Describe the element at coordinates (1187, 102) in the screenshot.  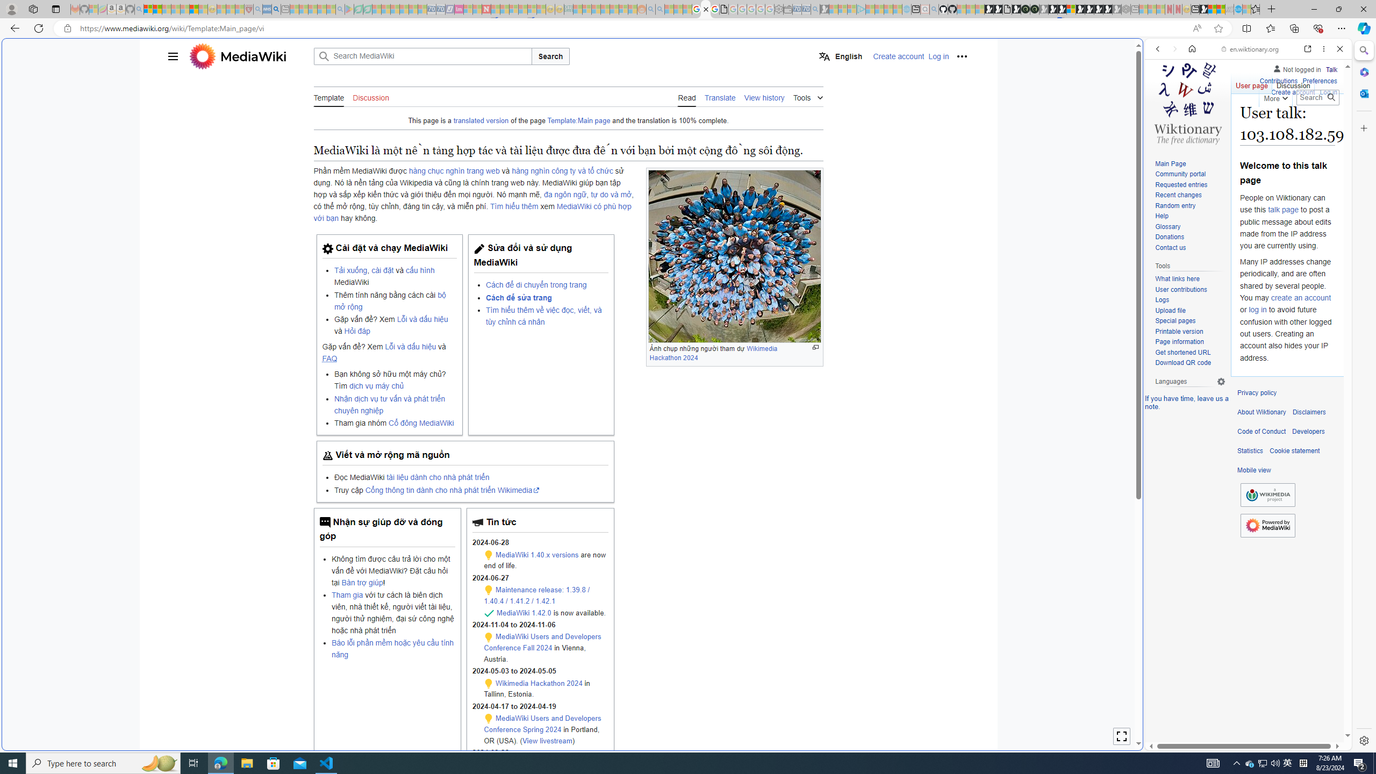
I see `'Visit the main page'` at that location.